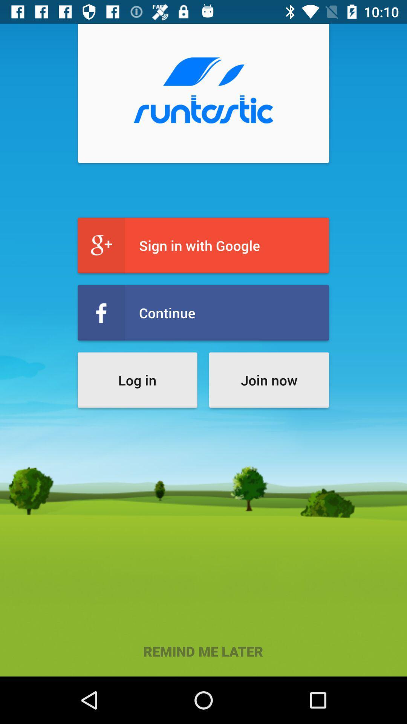  What do you see at coordinates (203, 313) in the screenshot?
I see `the item above the log in` at bounding box center [203, 313].